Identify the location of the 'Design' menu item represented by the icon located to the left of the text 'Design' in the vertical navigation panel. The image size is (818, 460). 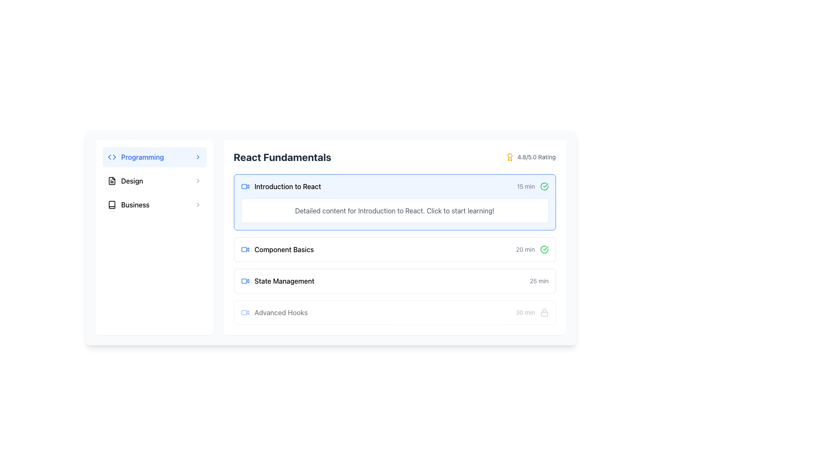
(111, 180).